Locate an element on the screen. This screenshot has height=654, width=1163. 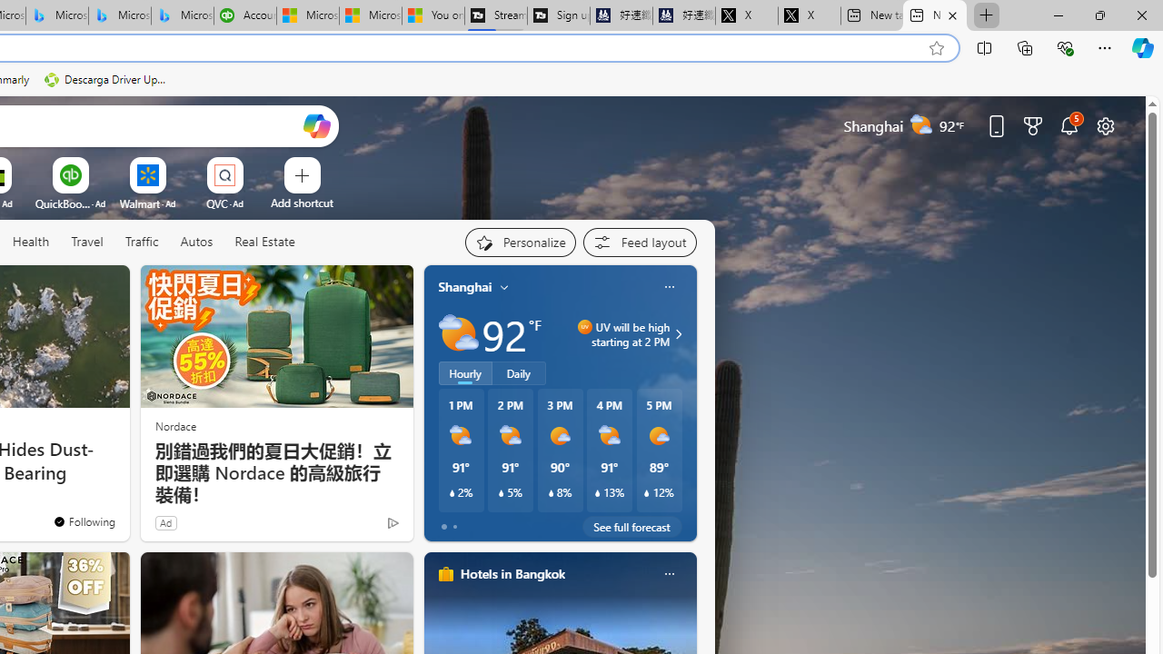
'Personalize your feed"' is located at coordinates (519, 242).